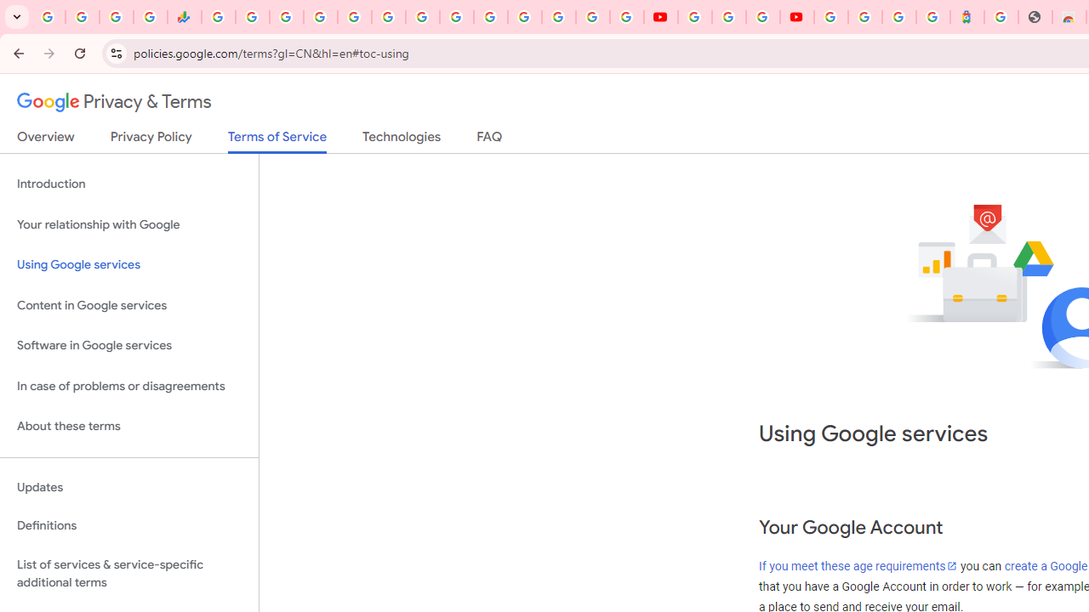 This screenshot has height=612, width=1089. What do you see at coordinates (128, 487) in the screenshot?
I see `'Updates'` at bounding box center [128, 487].